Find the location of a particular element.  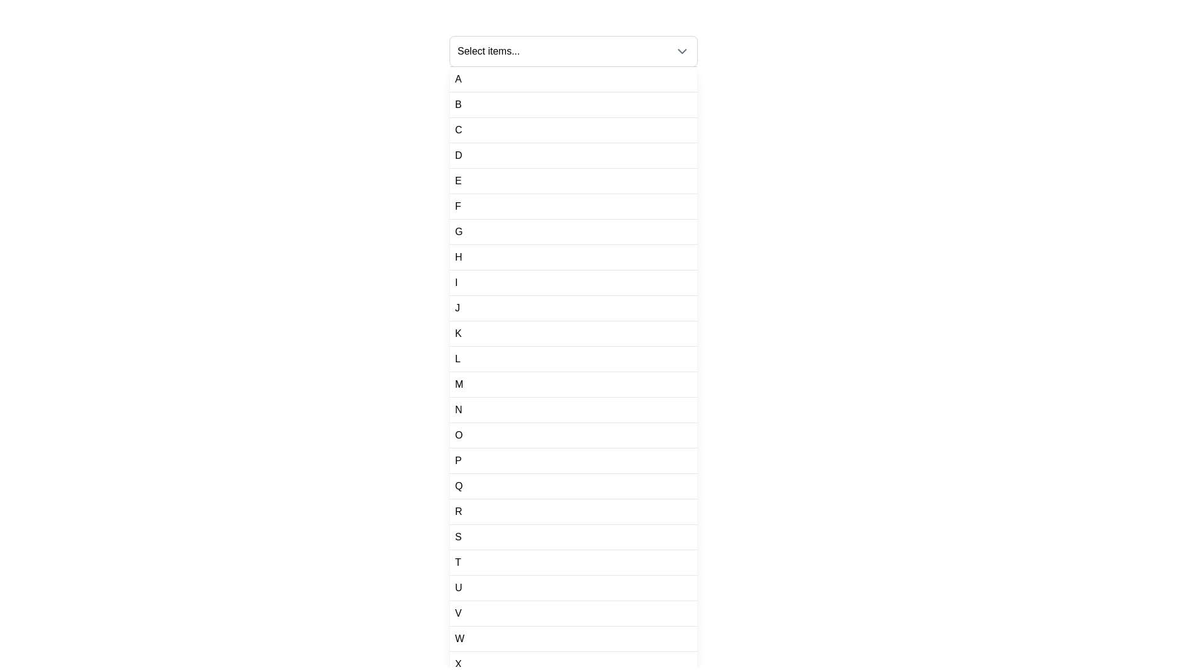

the list item representing the character 'M' in the alphabetized dropdown menu, which is the 13th option in the list is located at coordinates (573, 384).